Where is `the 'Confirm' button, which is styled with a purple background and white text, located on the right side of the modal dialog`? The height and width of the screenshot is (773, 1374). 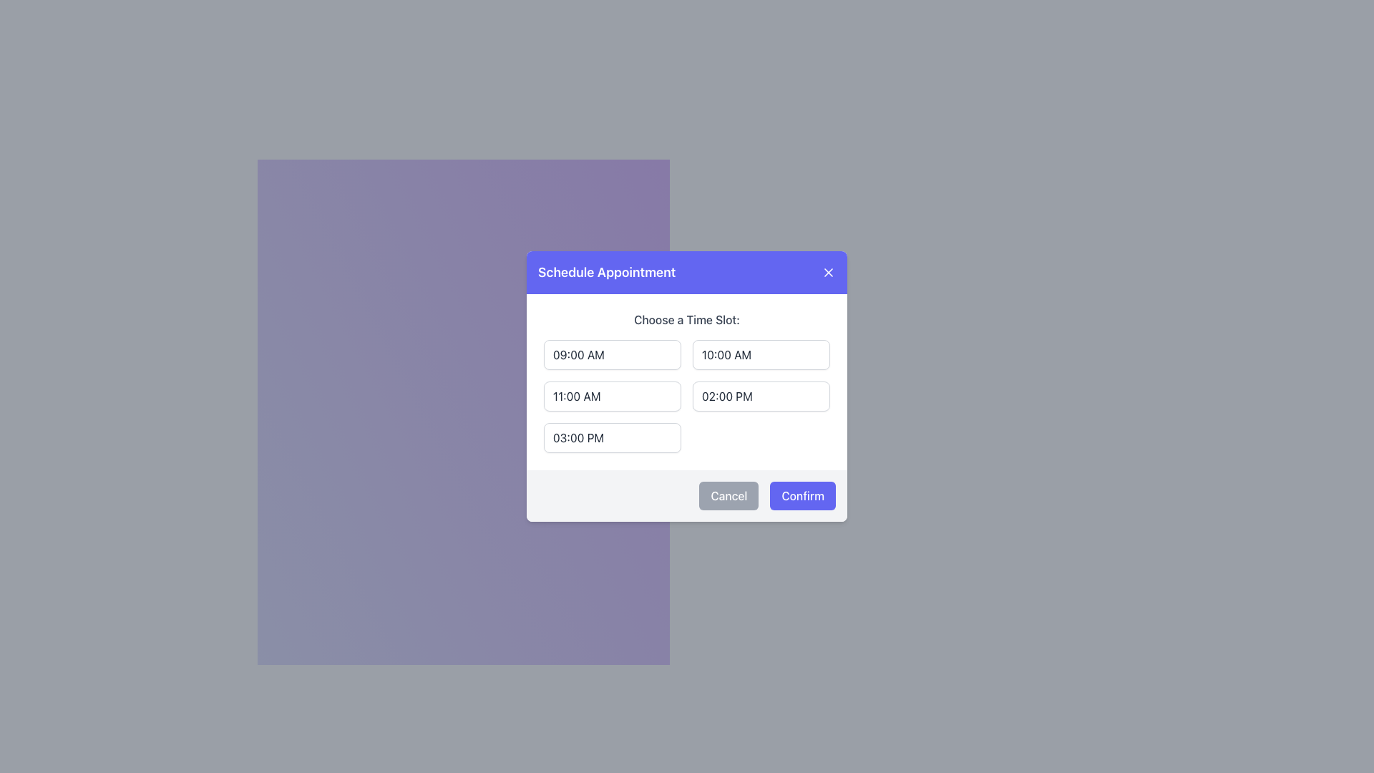
the 'Confirm' button, which is styled with a purple background and white text, located on the right side of the modal dialog is located at coordinates (803, 495).